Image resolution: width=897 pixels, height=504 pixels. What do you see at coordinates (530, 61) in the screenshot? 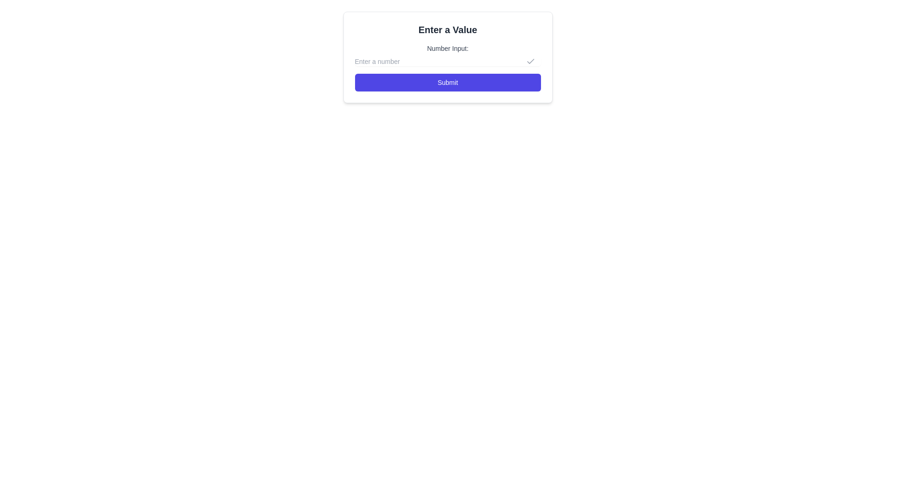
I see `the small outlined grey checkmark icon located at the right end of the text input field labeled 'Enter a number'` at bounding box center [530, 61].